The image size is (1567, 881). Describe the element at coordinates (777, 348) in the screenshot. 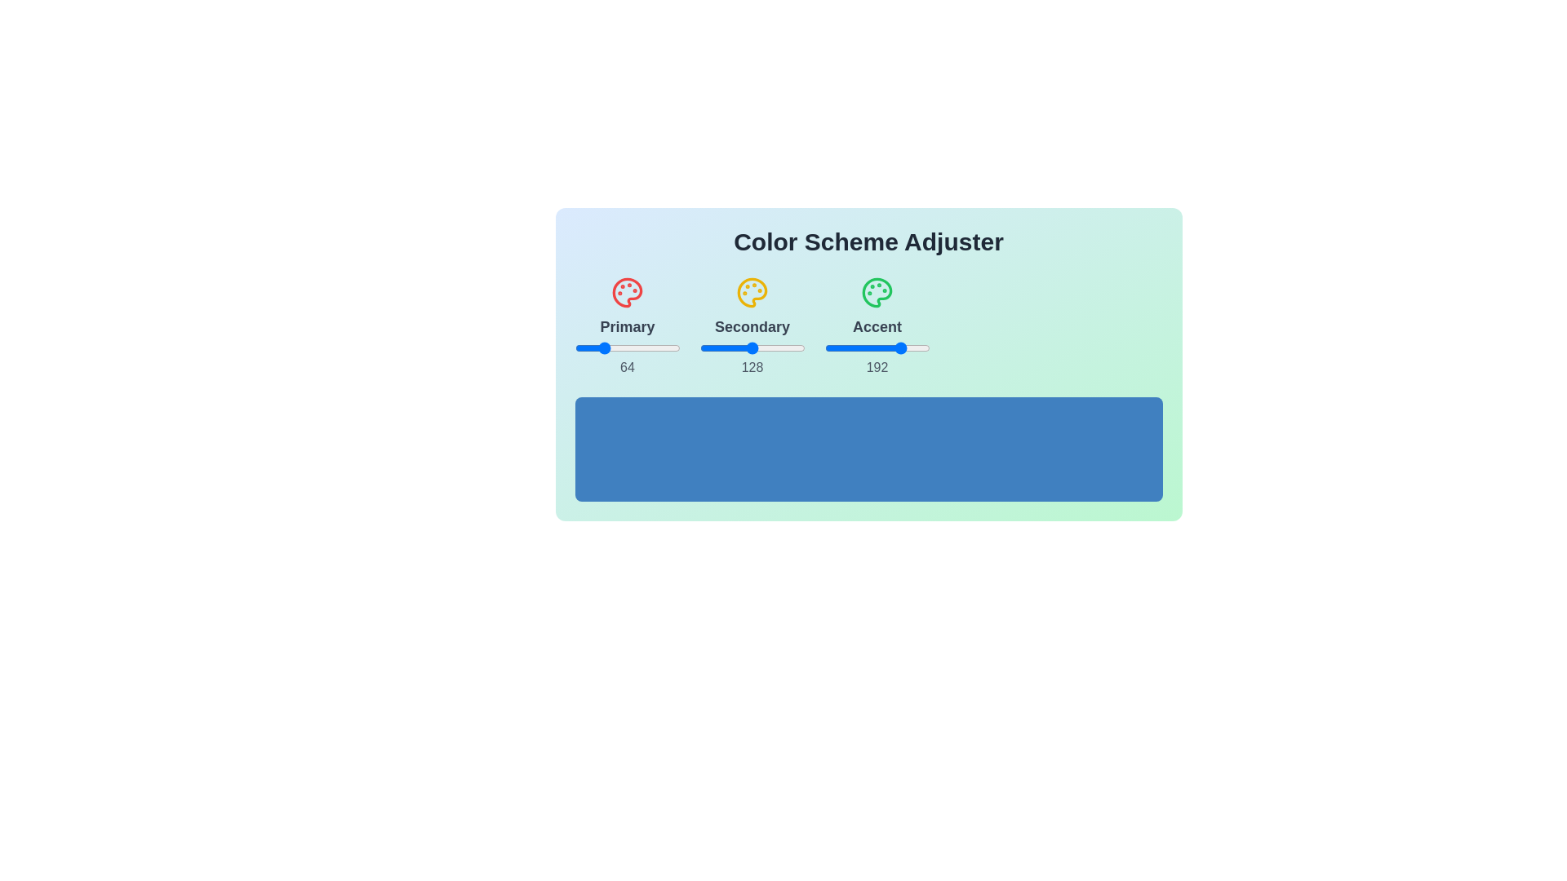

I see `the 1 slider to 62` at that location.